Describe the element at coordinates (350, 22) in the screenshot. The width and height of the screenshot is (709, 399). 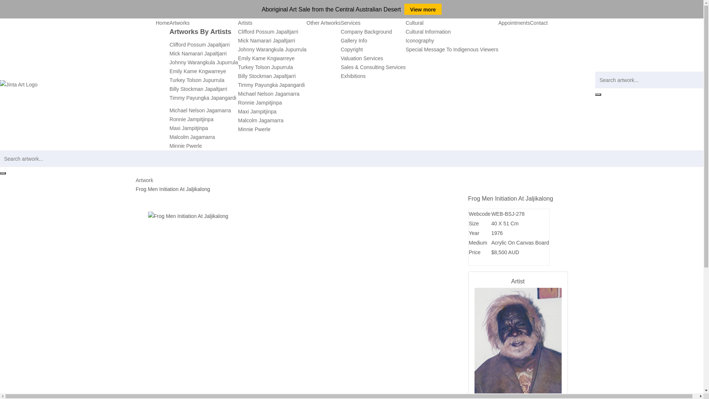
I see `'Services'` at that location.